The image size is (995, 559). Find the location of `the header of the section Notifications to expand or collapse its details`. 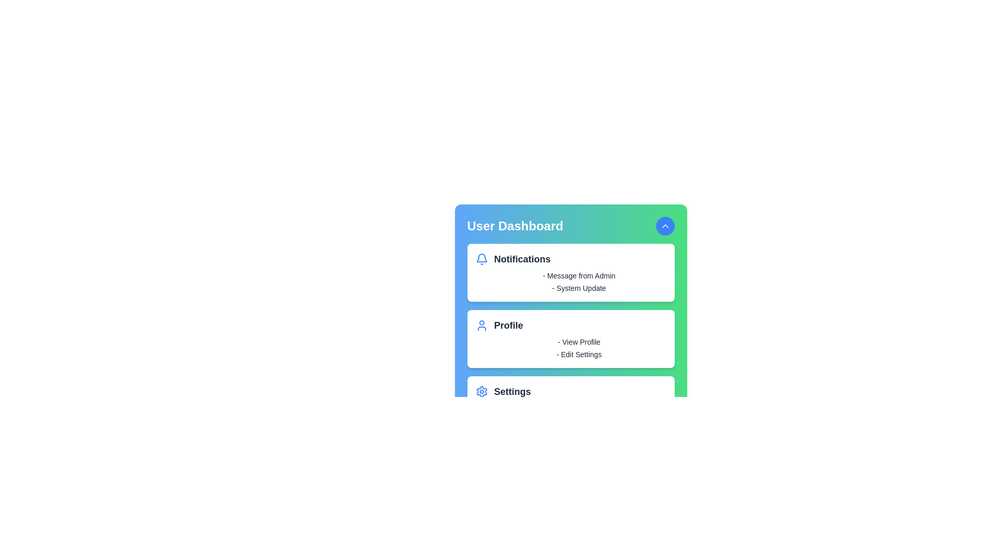

the header of the section Notifications to expand or collapse its details is located at coordinates (570, 259).